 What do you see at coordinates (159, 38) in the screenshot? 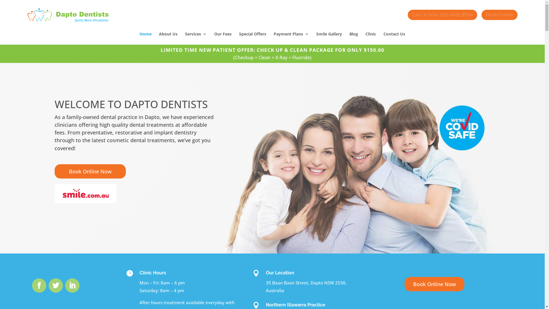
I see `'About Us'` at bounding box center [159, 38].